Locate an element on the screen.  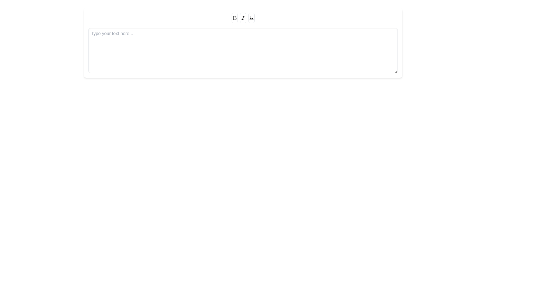
the underline icon located in the toolbar at the top of the application layout to apply underline formatting is located at coordinates (251, 18).